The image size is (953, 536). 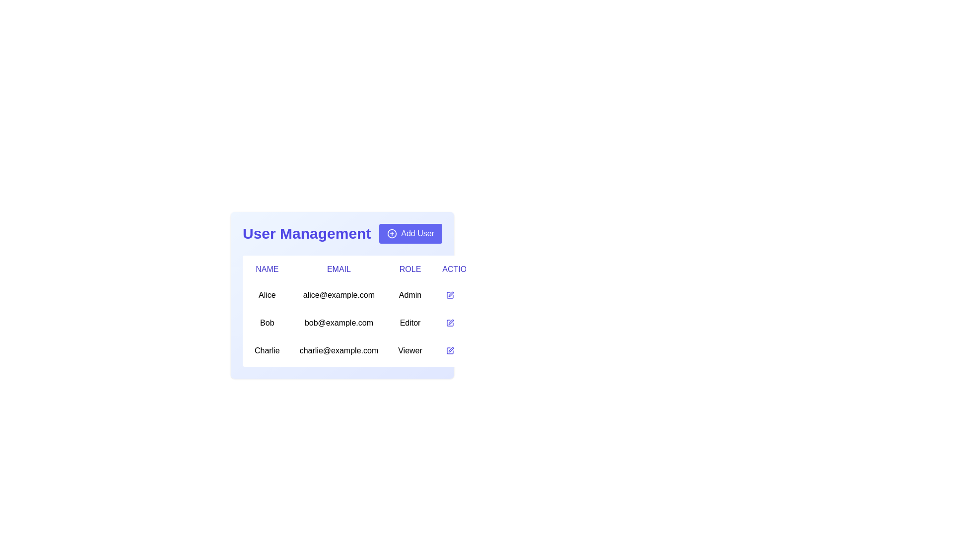 I want to click on the delete button located in the 'Actions' column of the first row in the 'User Management' table, so click(x=469, y=294).